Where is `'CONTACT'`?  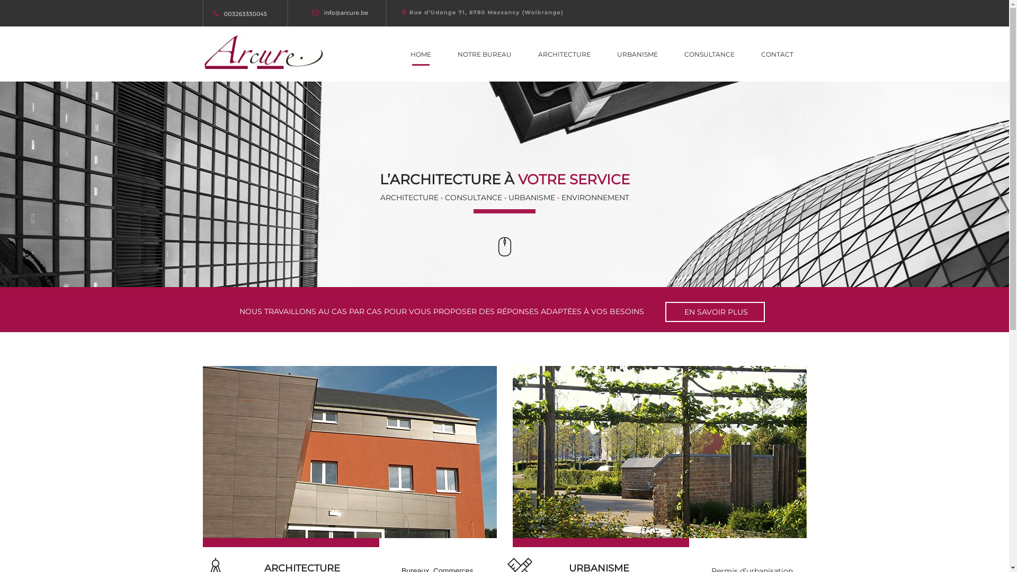
'CONTACT' is located at coordinates (777, 55).